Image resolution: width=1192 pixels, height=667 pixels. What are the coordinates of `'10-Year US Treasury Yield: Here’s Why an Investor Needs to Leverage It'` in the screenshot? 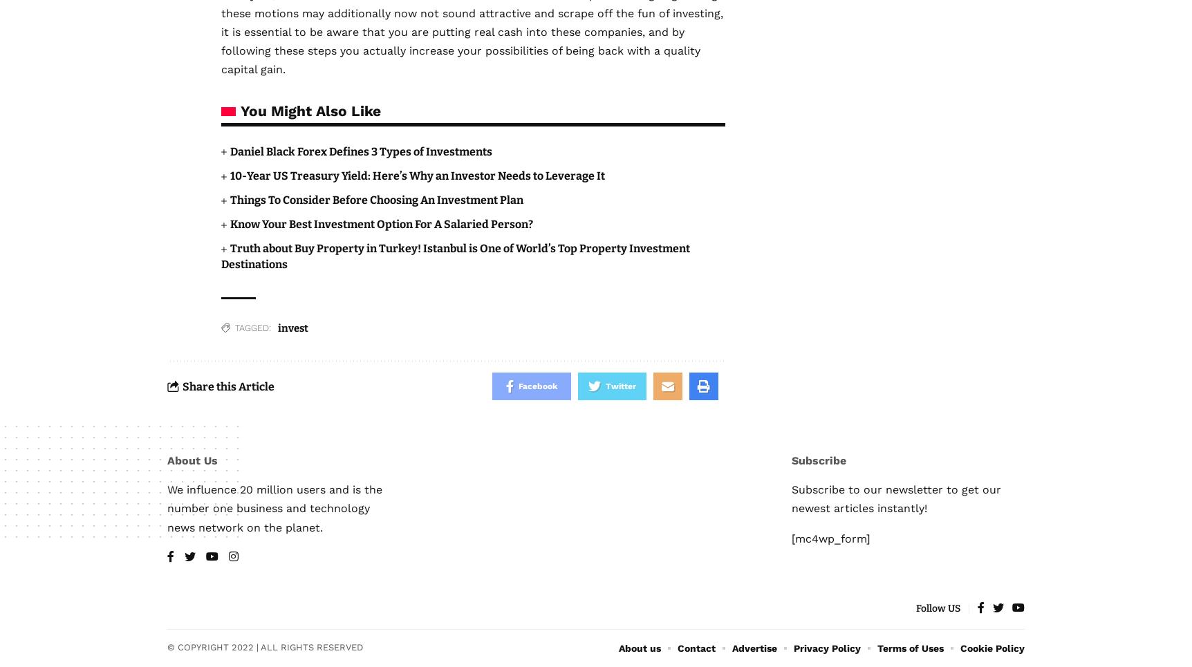 It's located at (417, 174).